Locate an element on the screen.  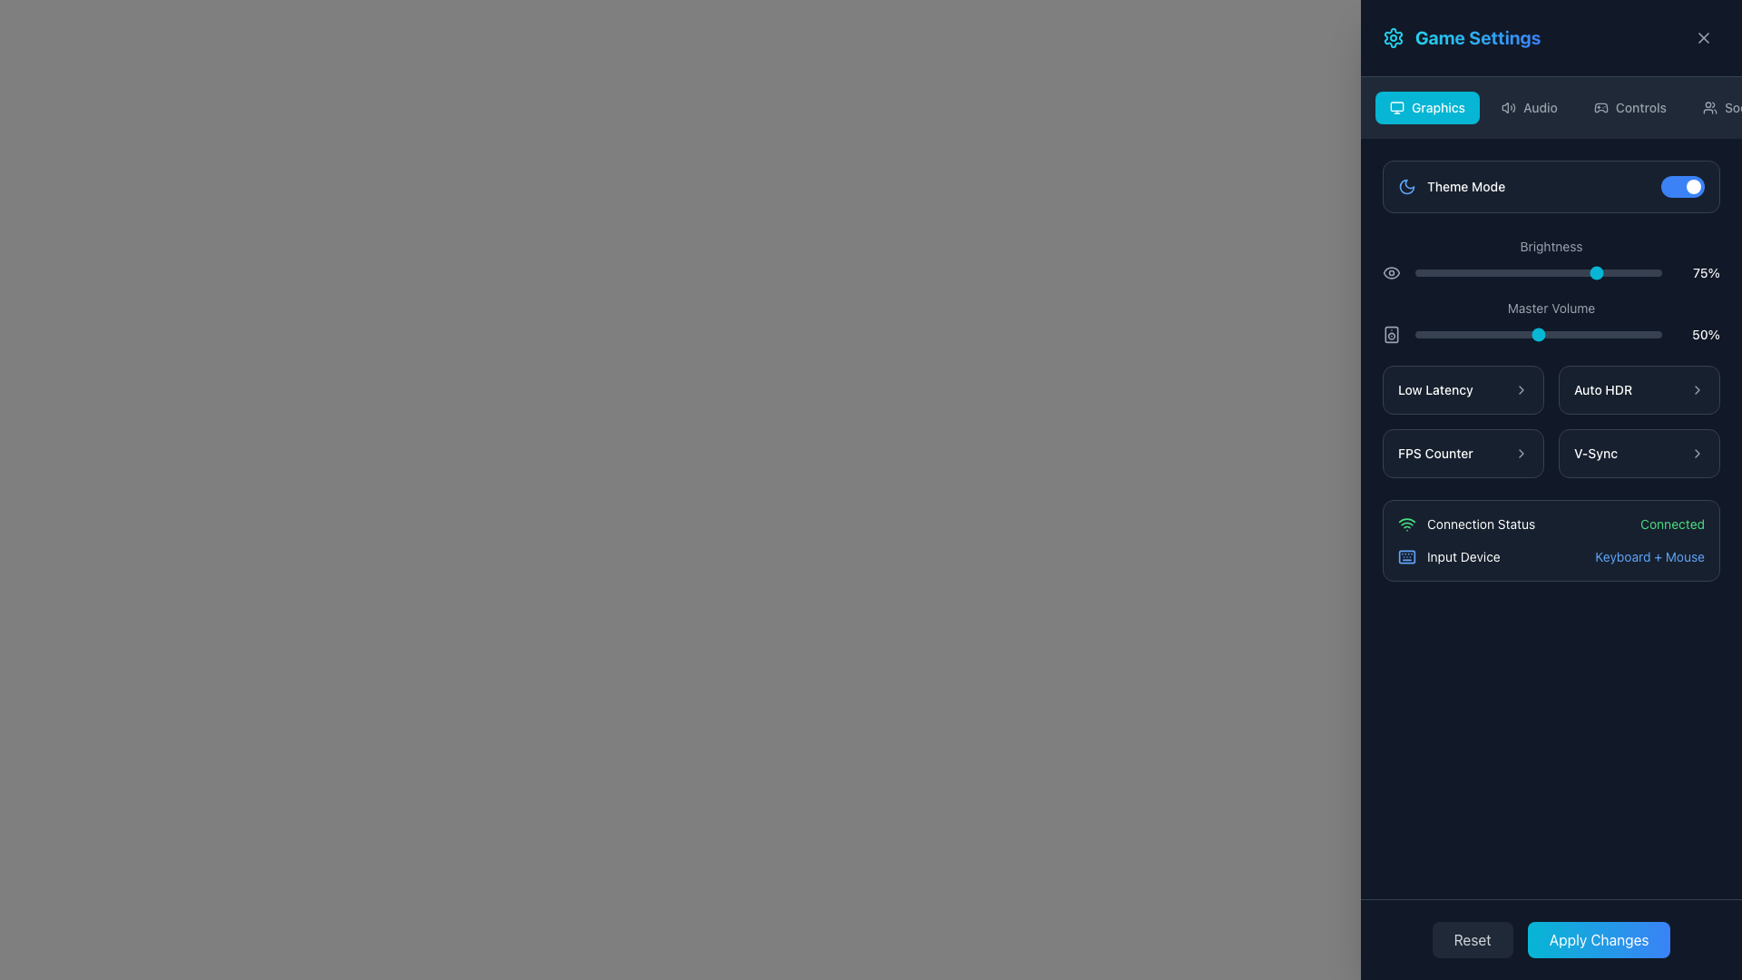
the right-pointing chevron icon located to the right of the text 'Low Latency' is located at coordinates (1521, 388).